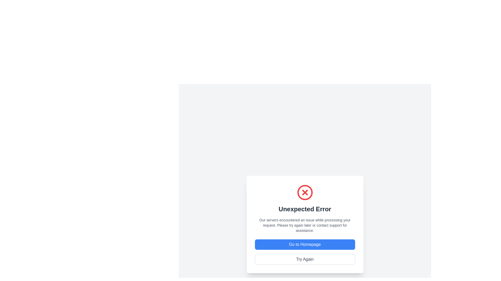 The width and height of the screenshot is (501, 281). Describe the element at coordinates (305, 259) in the screenshot. I see `the 'Retry' button located at the bottom of the modal box, directly below the 'Go to Homepage' button, to retry the action that resulted in an error` at that location.